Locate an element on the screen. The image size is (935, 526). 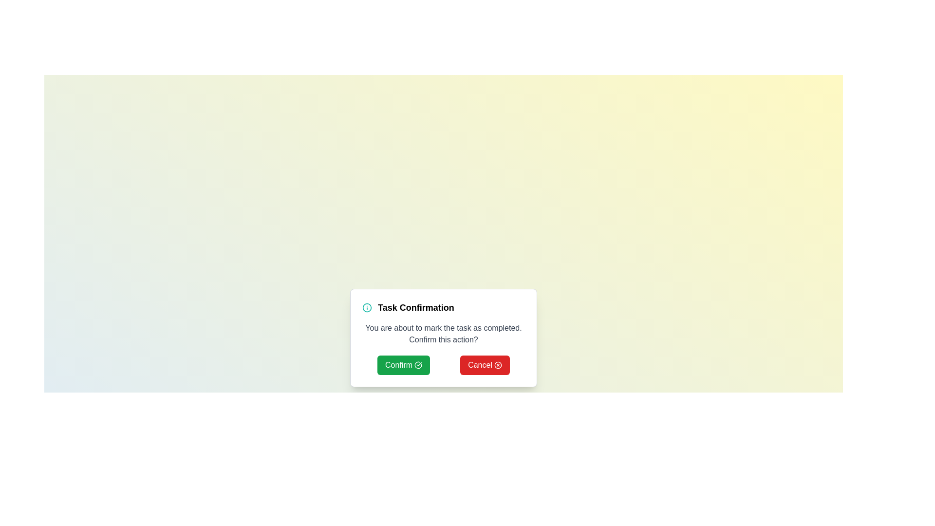
the cancel action icon located to the right of the 'Cancel' text within the red 'Cancel' button at the bottom-right of the dialog box is located at coordinates (498, 365).